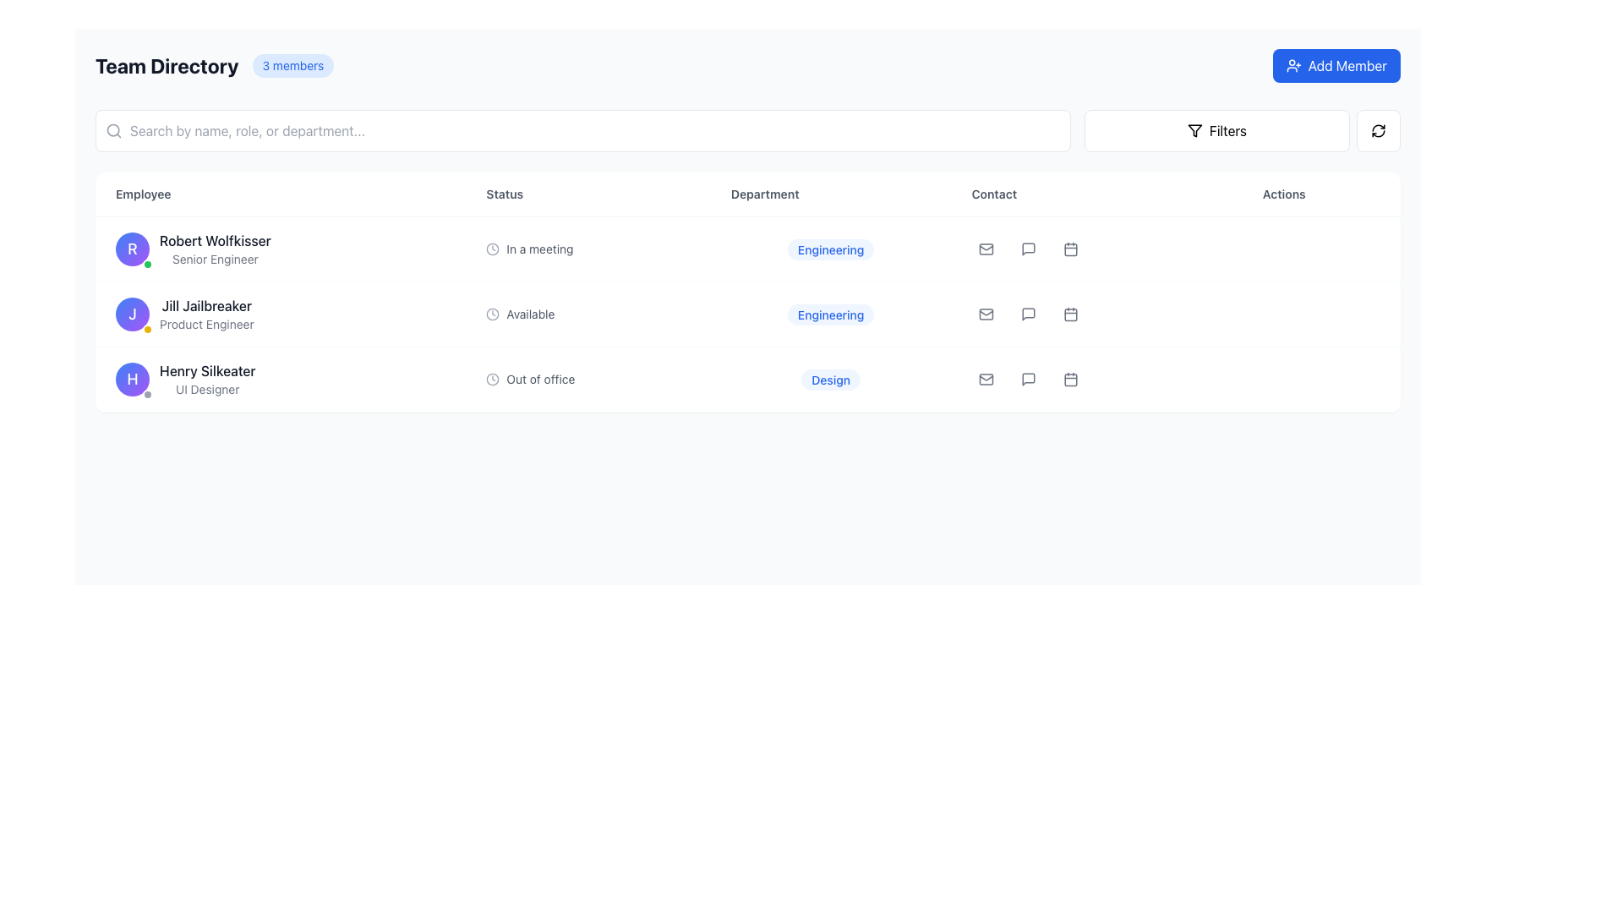  Describe the element at coordinates (1069, 379) in the screenshot. I see `the calendar icon located in the 'Actions' column in the last row of the table associated with the employee 'Henry Silkeater' to invoke its calendar-related function` at that location.